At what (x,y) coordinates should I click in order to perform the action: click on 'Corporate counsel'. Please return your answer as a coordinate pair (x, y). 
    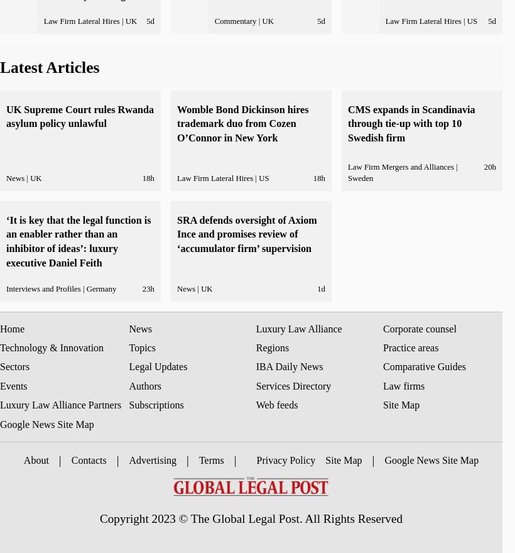
    Looking at the image, I should click on (419, 327).